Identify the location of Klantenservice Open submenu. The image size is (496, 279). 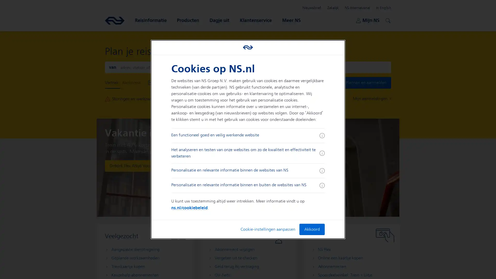
(255, 20).